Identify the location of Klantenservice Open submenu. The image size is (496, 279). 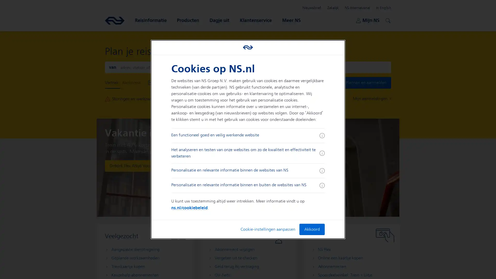
(255, 20).